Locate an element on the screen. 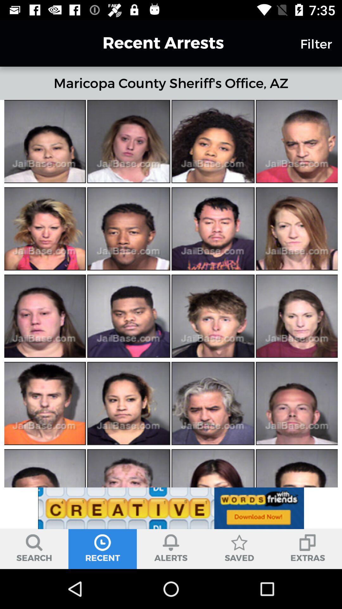 The height and width of the screenshot is (609, 342). item above the maricopa county sheriff item is located at coordinates (152, 43).